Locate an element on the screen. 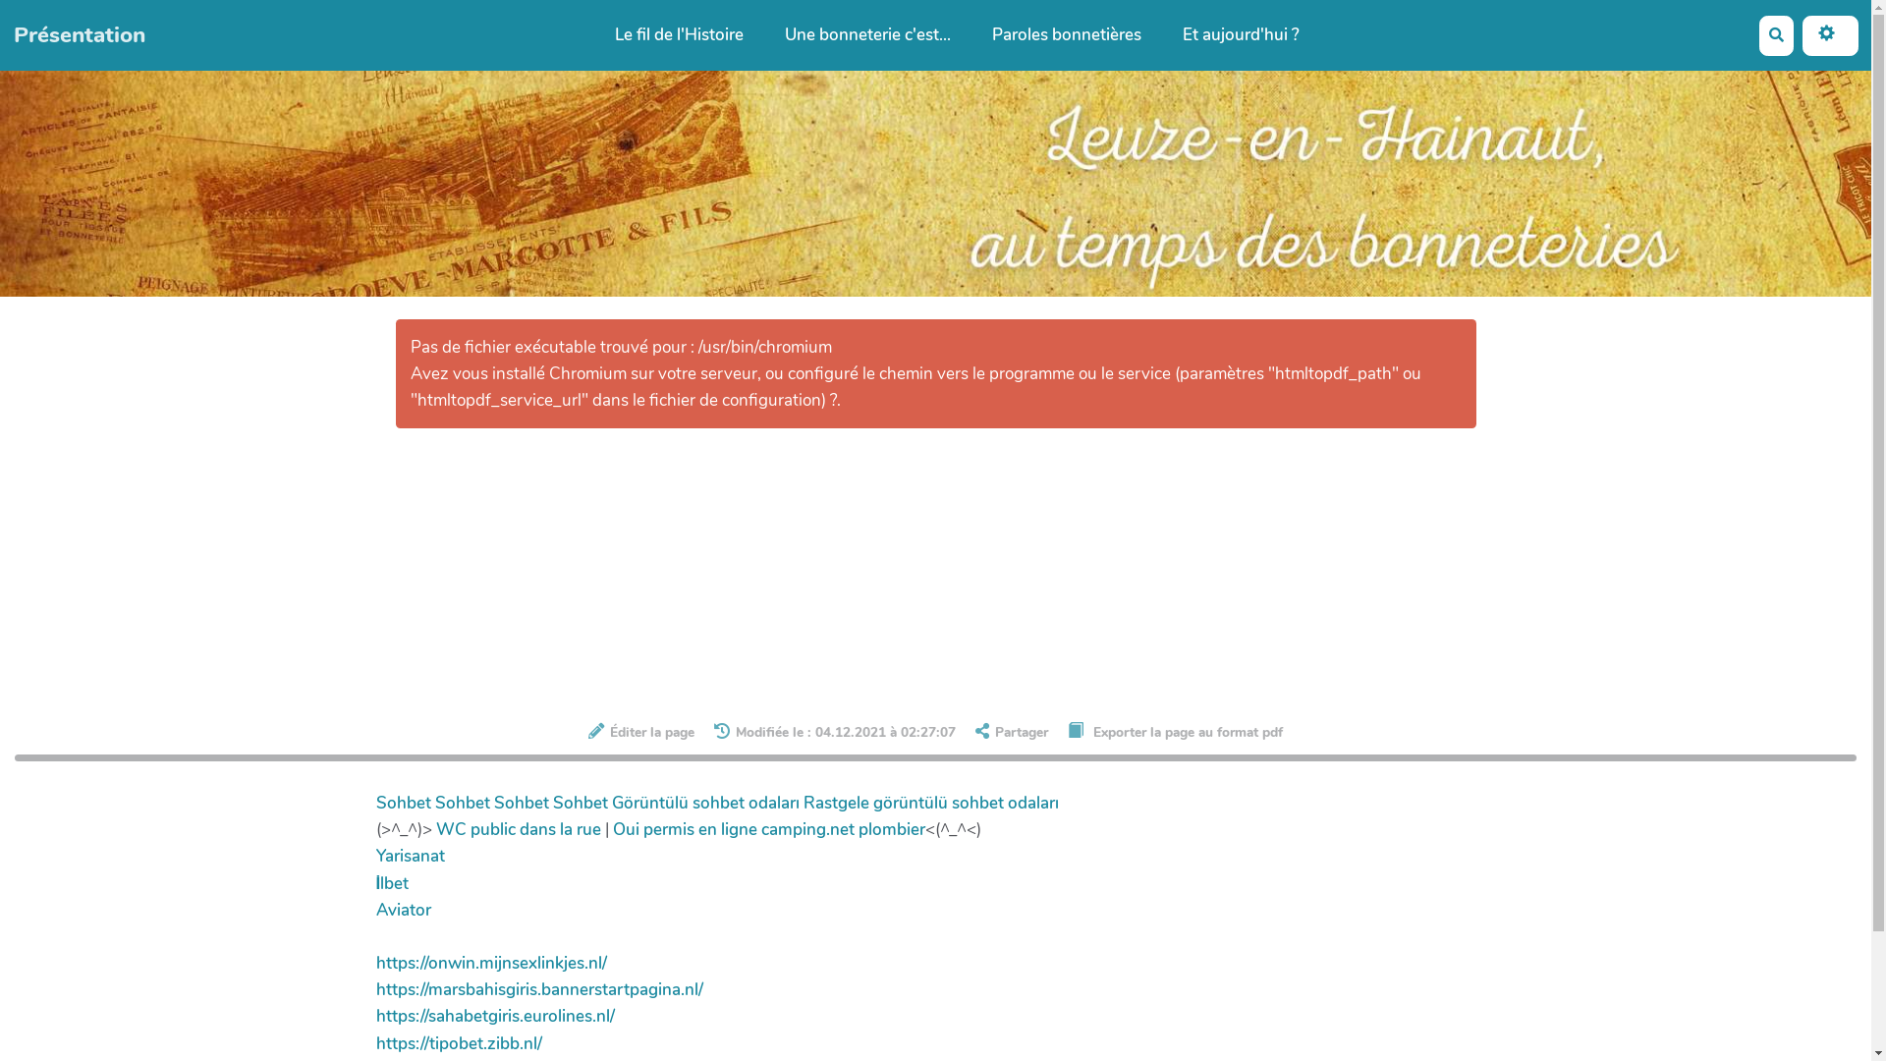 The width and height of the screenshot is (1886, 1061). 'Une bonneterie c'est...' is located at coordinates (866, 35).